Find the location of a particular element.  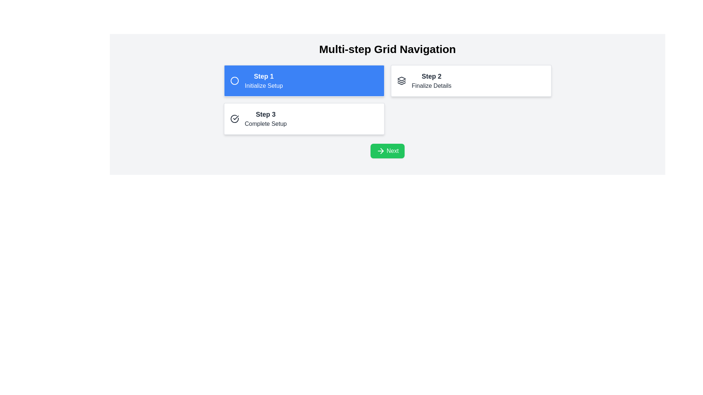

the checkmark symbol within the circular icon located to the left of the text 'Step 3 Complete Setup' in the multi-step navigation interface is located at coordinates (235, 117).